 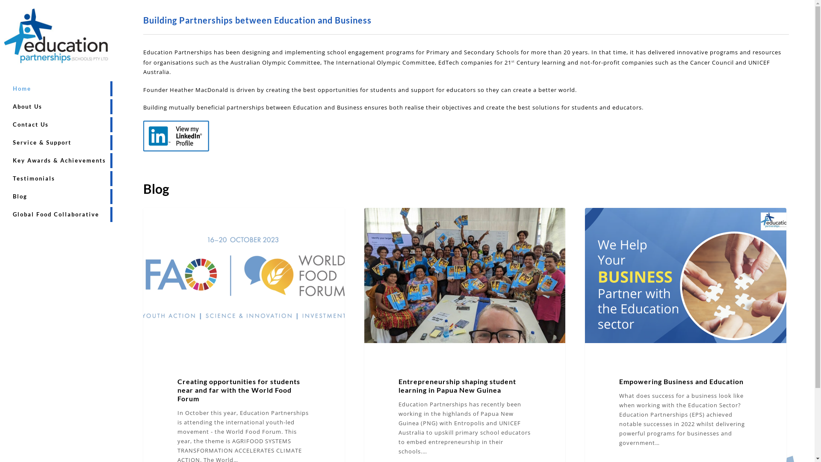 What do you see at coordinates (34, 178) in the screenshot?
I see `'Testimonials'` at bounding box center [34, 178].